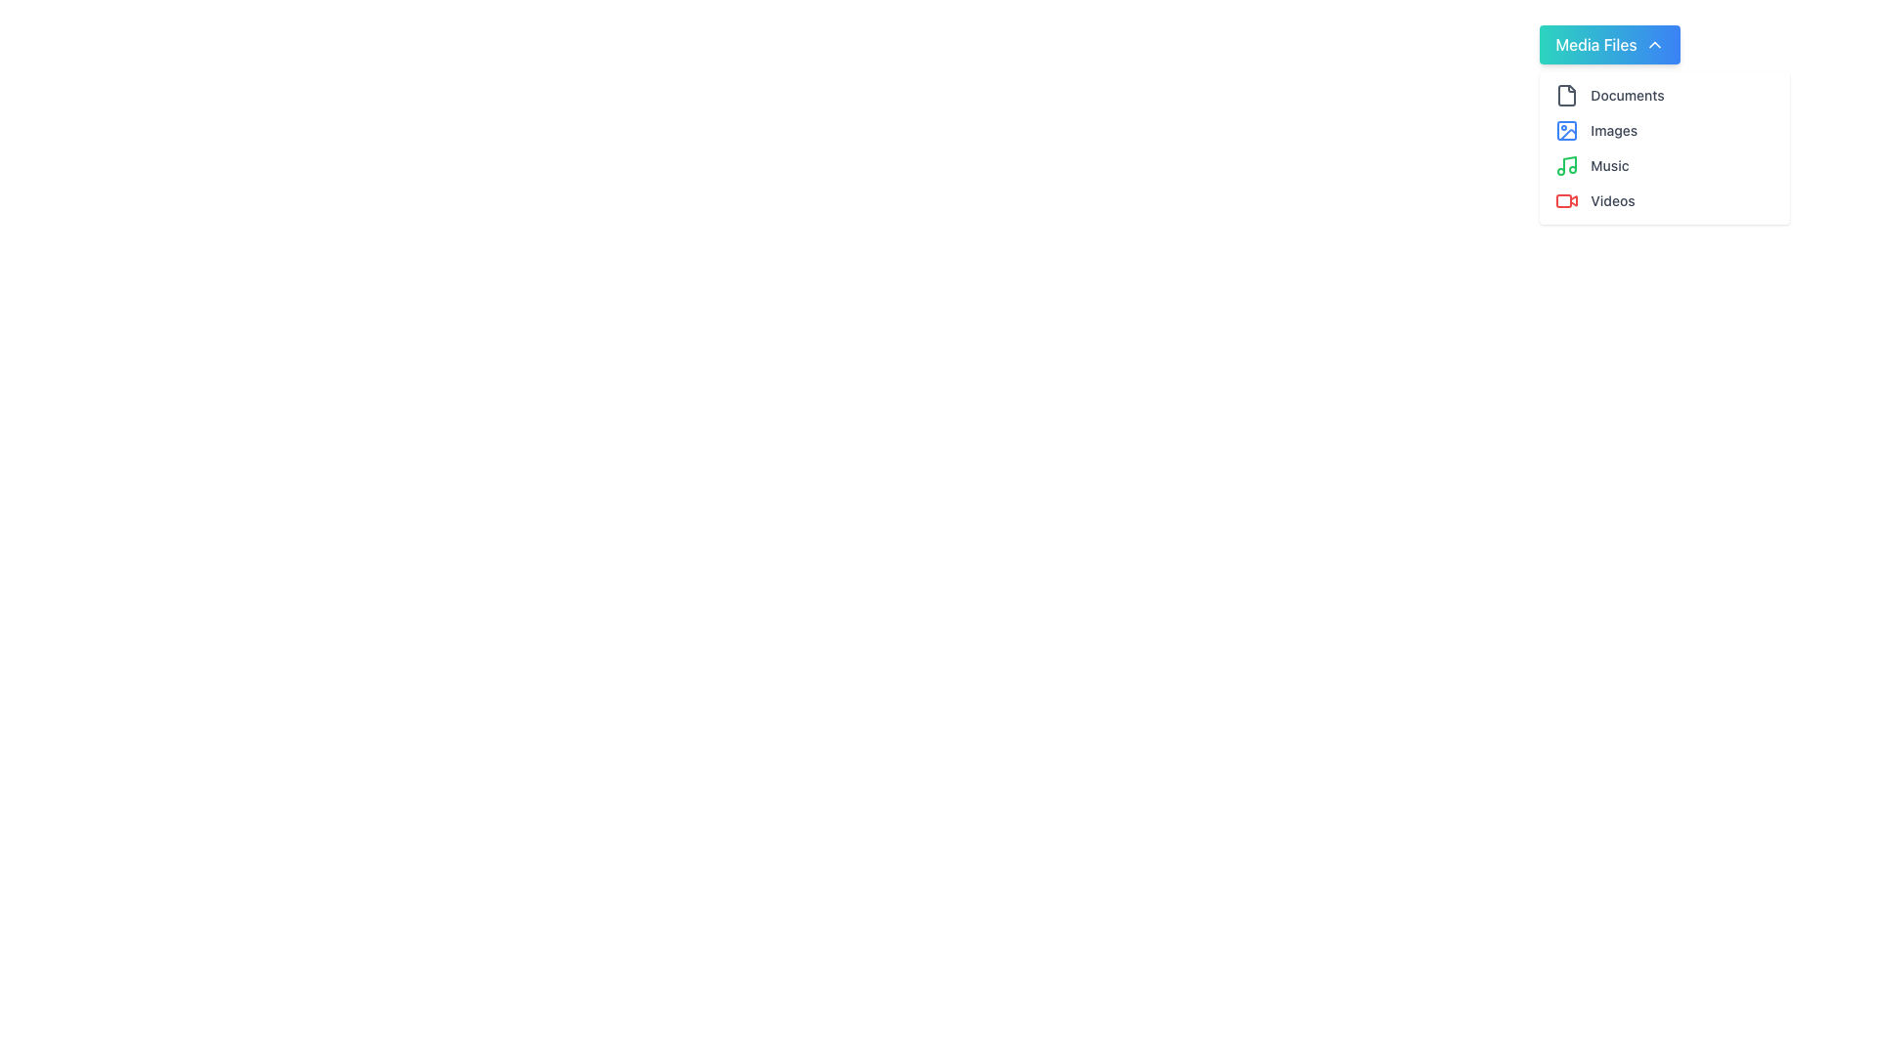 The width and height of the screenshot is (1877, 1055). What do you see at coordinates (1664, 147) in the screenshot?
I see `the 'Music' category menu item located in the top-right region of the interface, slightly below the 'Media Files' button, which is the third item in the vertical list of media types` at bounding box center [1664, 147].